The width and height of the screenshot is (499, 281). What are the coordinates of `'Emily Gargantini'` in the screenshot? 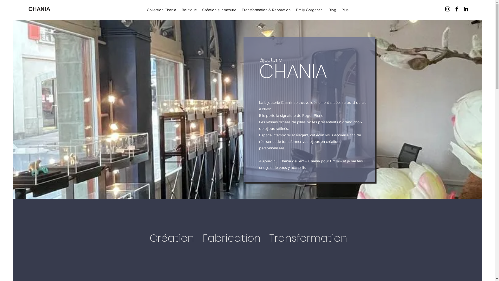 It's located at (293, 10).